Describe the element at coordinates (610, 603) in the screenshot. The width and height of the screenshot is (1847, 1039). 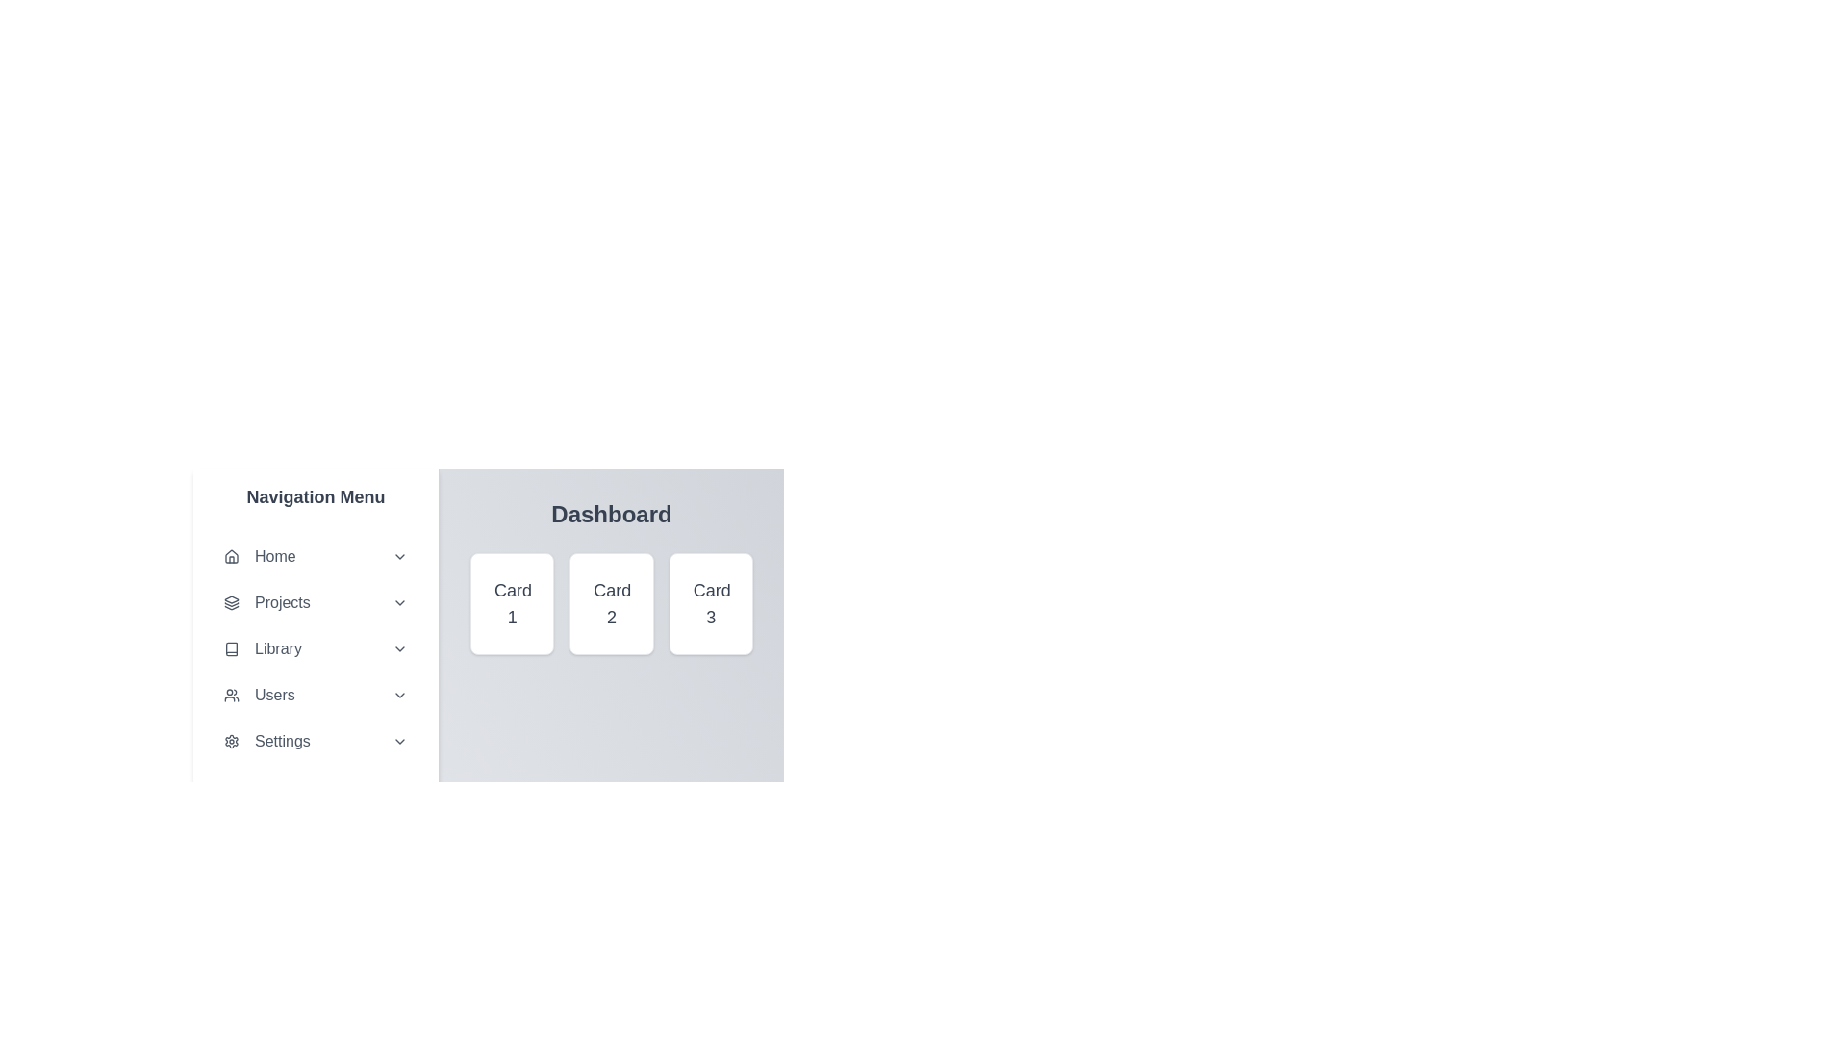
I see `the text label 'Card 2' which identifies the middle card in the horizontal row of three cards on the Dashboard layout` at that location.